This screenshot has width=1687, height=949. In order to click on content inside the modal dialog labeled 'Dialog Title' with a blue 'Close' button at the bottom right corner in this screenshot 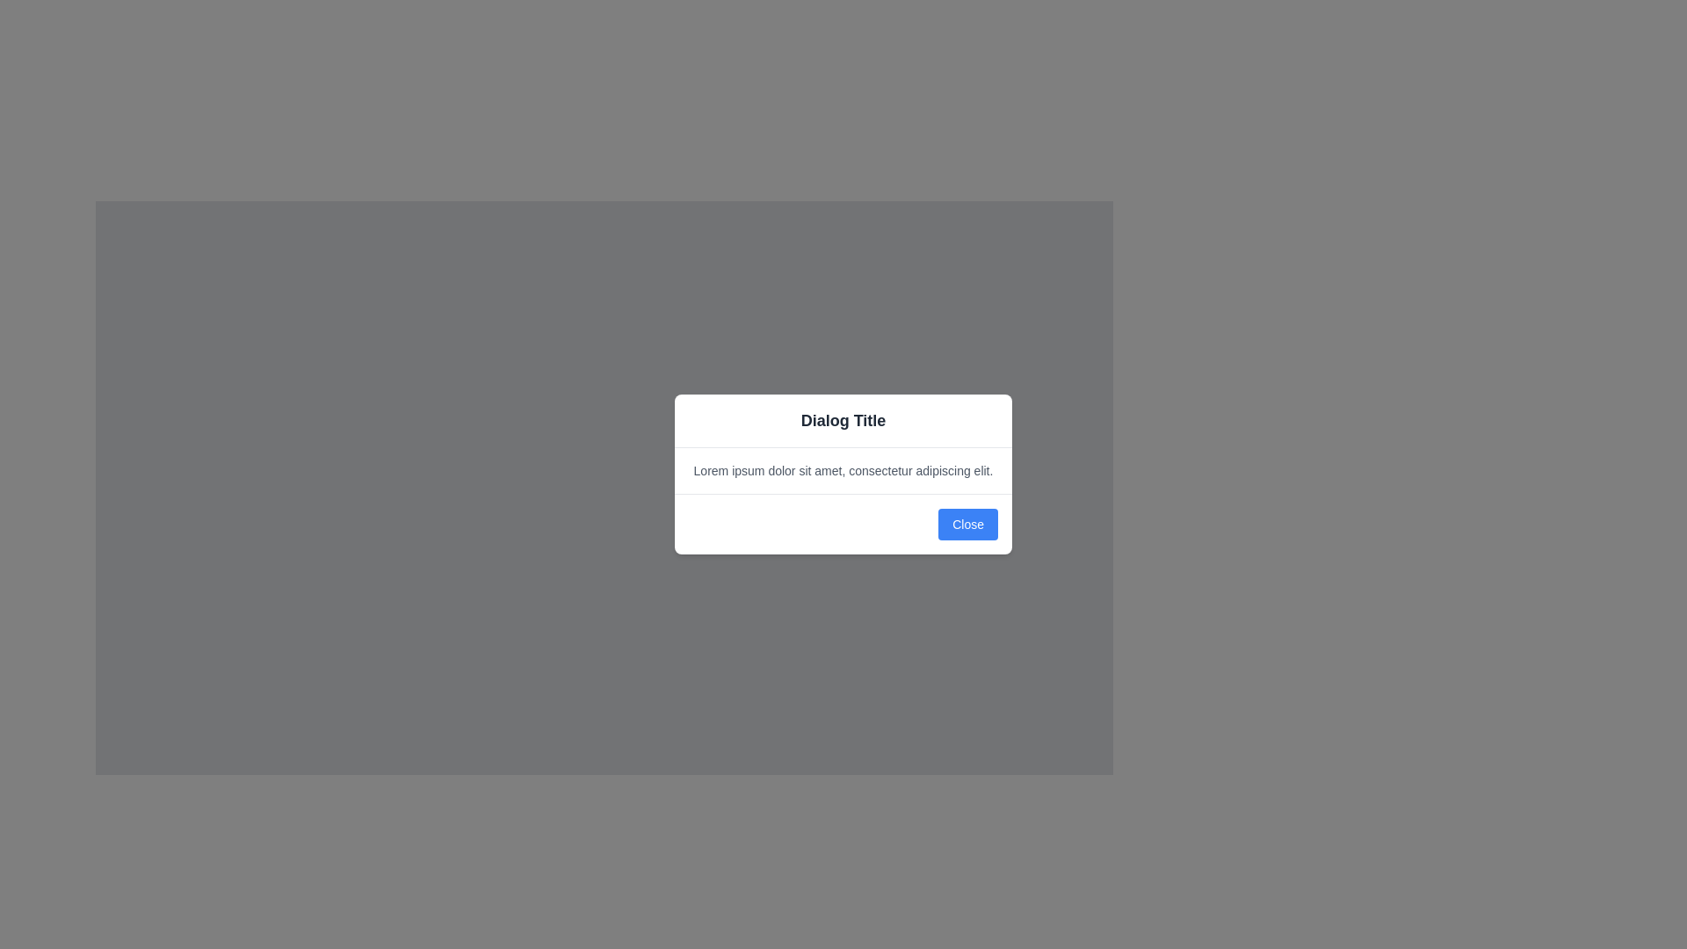, I will do `click(843, 474)`.